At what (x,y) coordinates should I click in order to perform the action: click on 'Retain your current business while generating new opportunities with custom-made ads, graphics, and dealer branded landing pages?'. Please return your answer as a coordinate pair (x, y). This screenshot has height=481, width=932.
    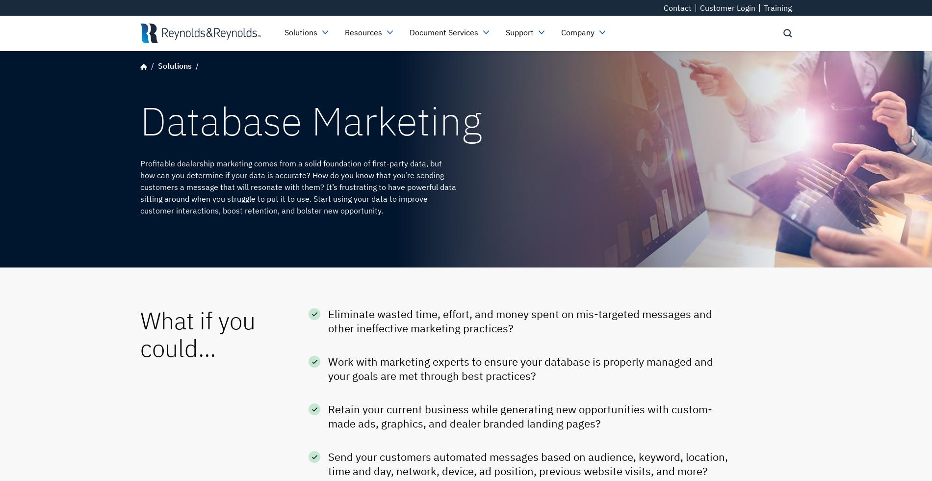
    Looking at the image, I should click on (520, 416).